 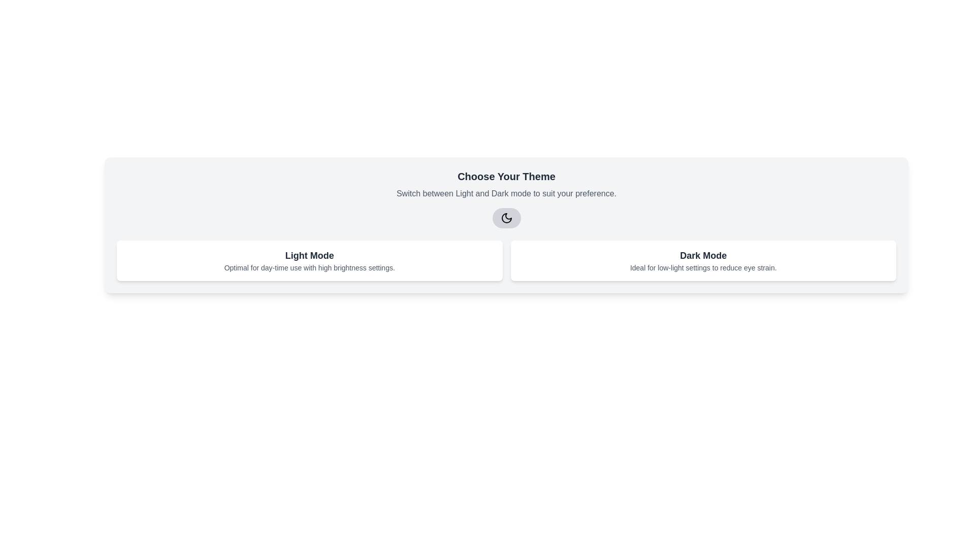 I want to click on the moon icon within the SVG toggle button to switch between Light Mode and Dark Mode themes, so click(x=506, y=217).